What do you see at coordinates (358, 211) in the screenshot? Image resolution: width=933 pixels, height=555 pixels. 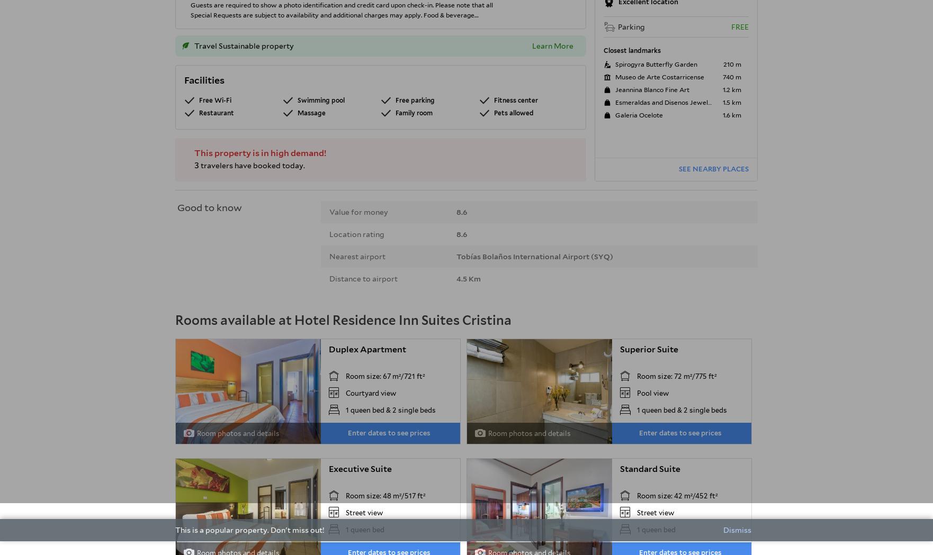 I see `'Value for money'` at bounding box center [358, 211].